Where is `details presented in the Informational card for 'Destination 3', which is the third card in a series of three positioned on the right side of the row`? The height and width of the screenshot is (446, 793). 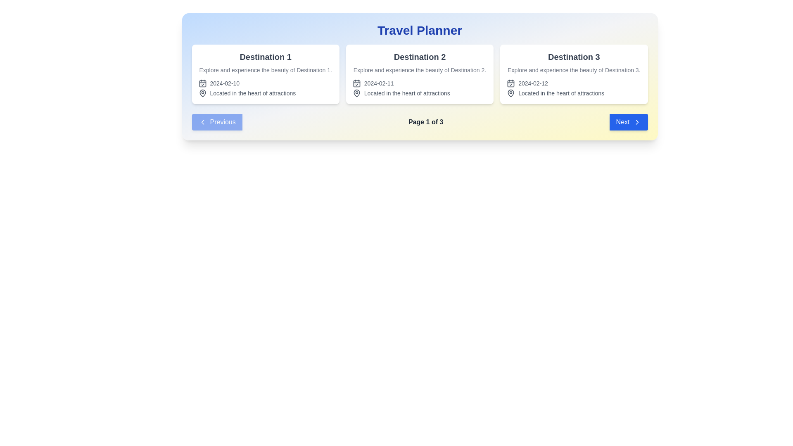
details presented in the Informational card for 'Destination 3', which is the third card in a series of three positioned on the right side of the row is located at coordinates (573, 74).